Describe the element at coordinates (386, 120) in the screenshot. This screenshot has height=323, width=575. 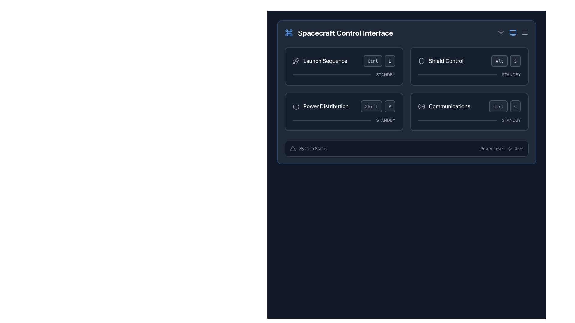
I see `the Text label displaying 'STANDBY' in gray color, located in the lower right corner of the 'Power Distribution' section, below the progress bar` at that location.